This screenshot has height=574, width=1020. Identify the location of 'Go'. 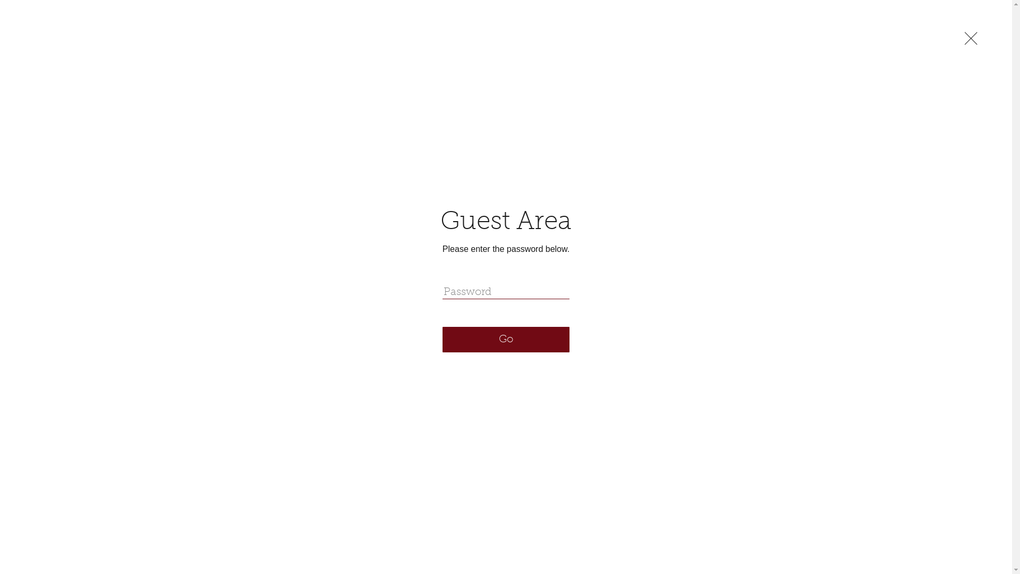
(505, 340).